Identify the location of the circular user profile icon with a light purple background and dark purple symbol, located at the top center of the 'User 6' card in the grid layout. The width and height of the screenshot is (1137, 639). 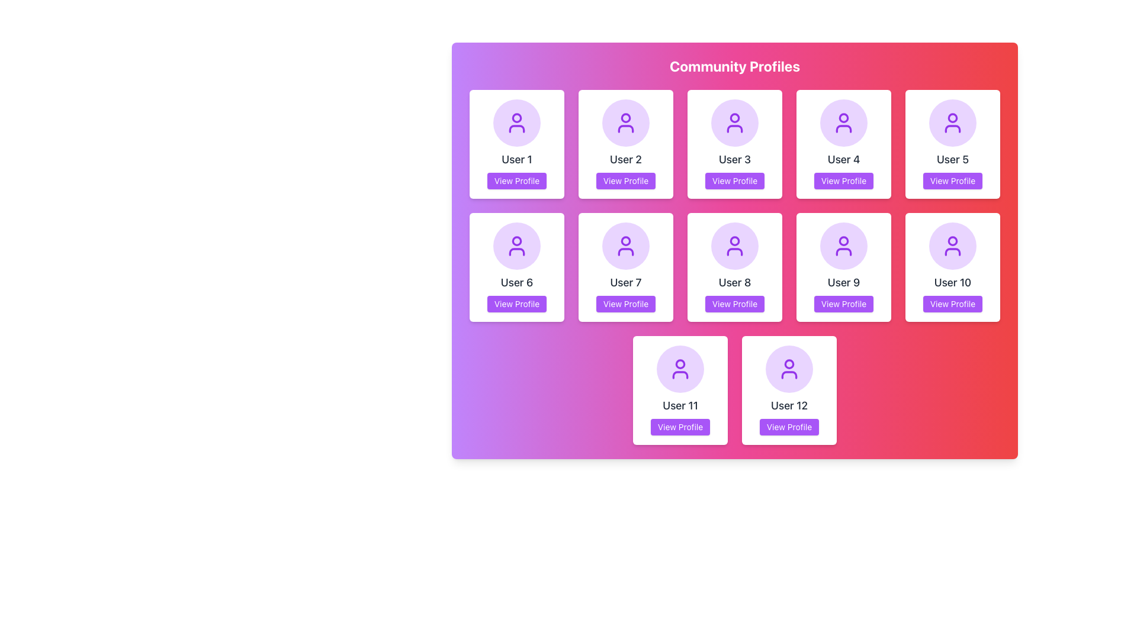
(517, 246).